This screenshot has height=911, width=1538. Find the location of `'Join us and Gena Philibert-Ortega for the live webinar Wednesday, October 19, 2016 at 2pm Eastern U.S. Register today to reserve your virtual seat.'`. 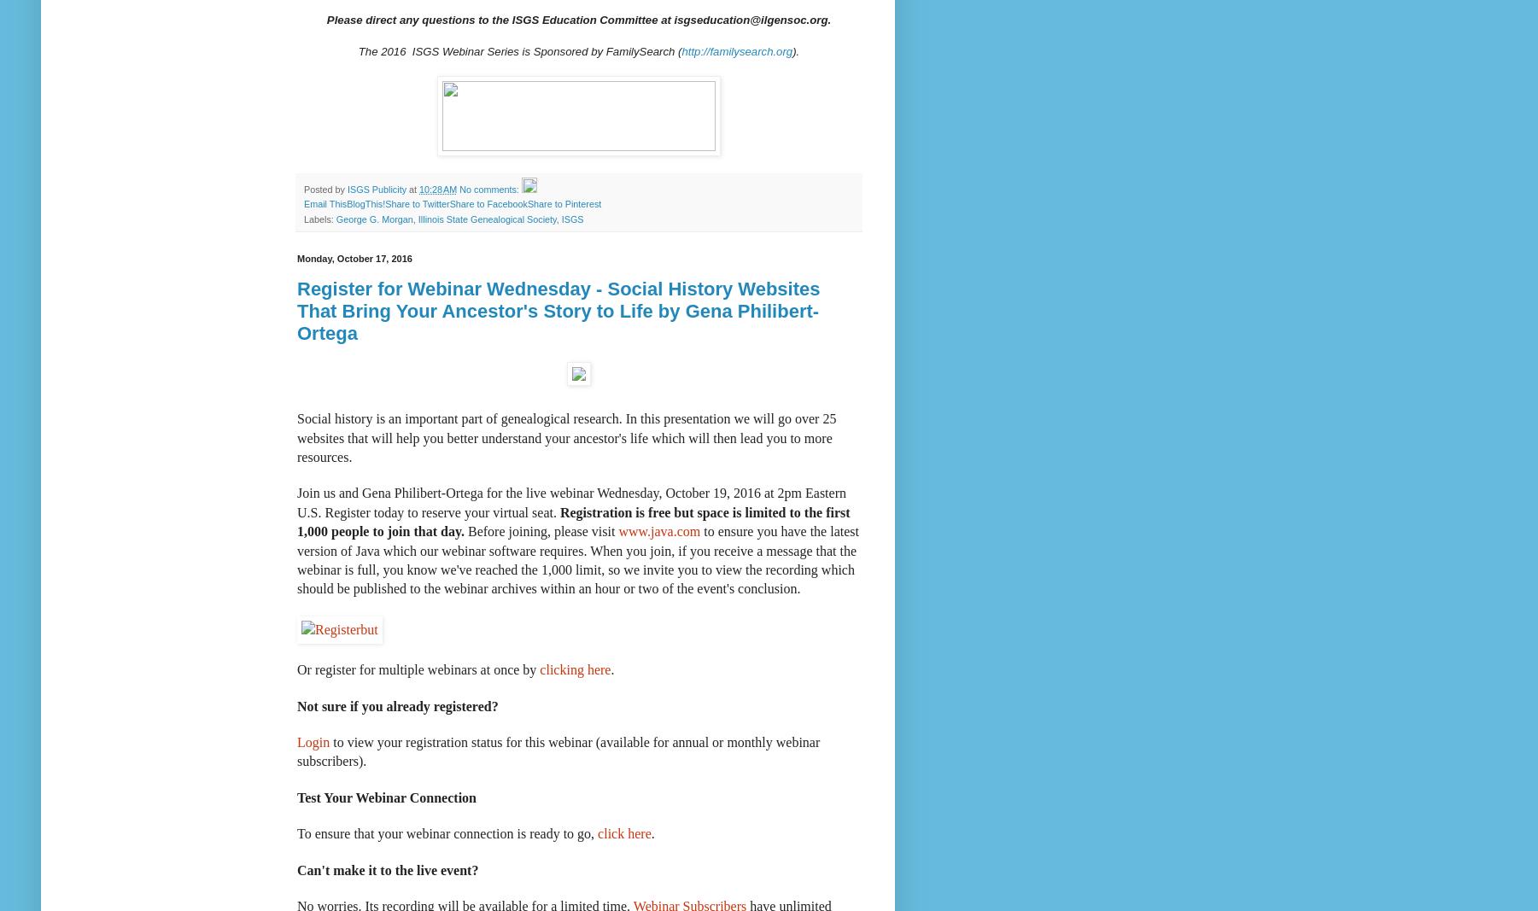

'Join us and Gena Philibert-Ortega for the live webinar Wednesday, October 19, 2016 at 2pm Eastern U.S. Register today to reserve your virtual seat.' is located at coordinates (570, 502).